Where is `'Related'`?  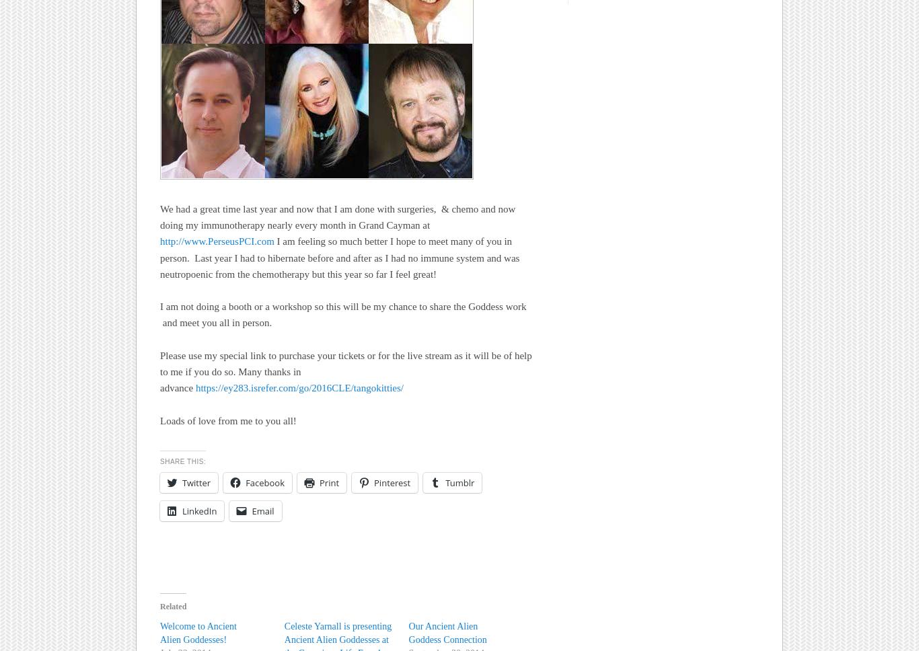
'Related' is located at coordinates (173, 606).